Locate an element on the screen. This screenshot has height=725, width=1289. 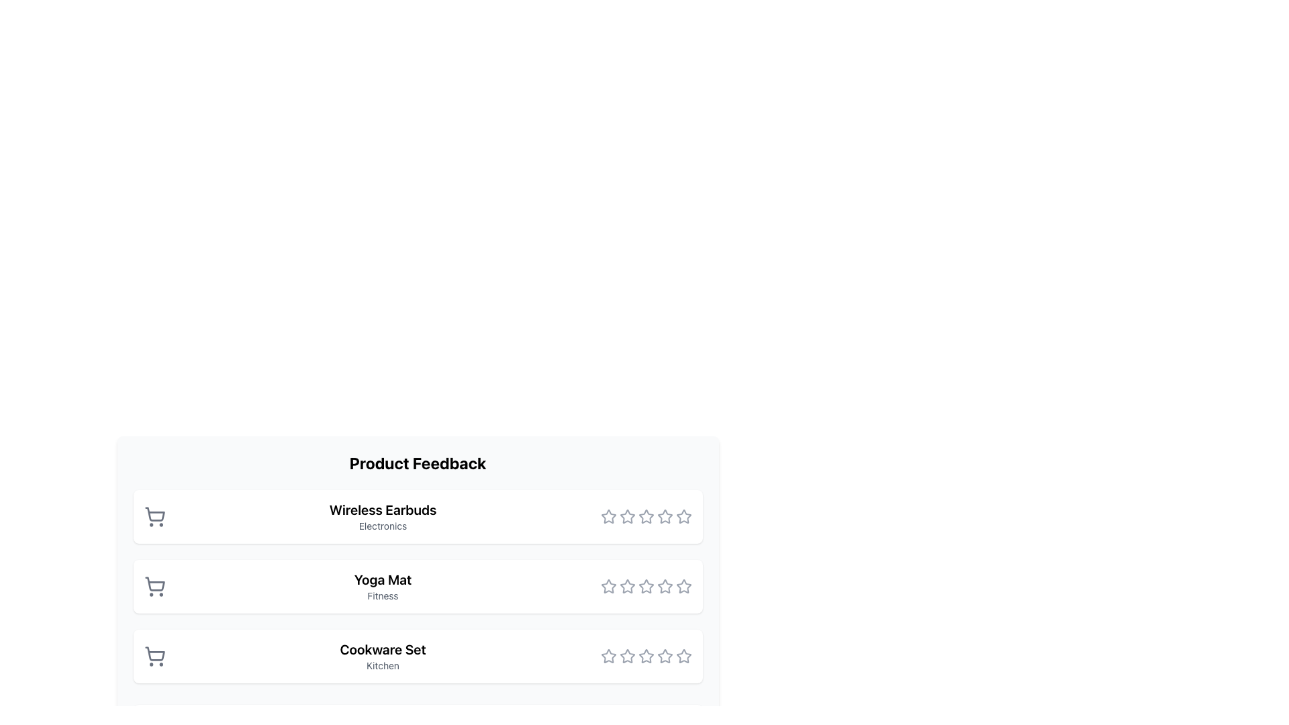
the third star icon in the star rating system is located at coordinates (646, 656).